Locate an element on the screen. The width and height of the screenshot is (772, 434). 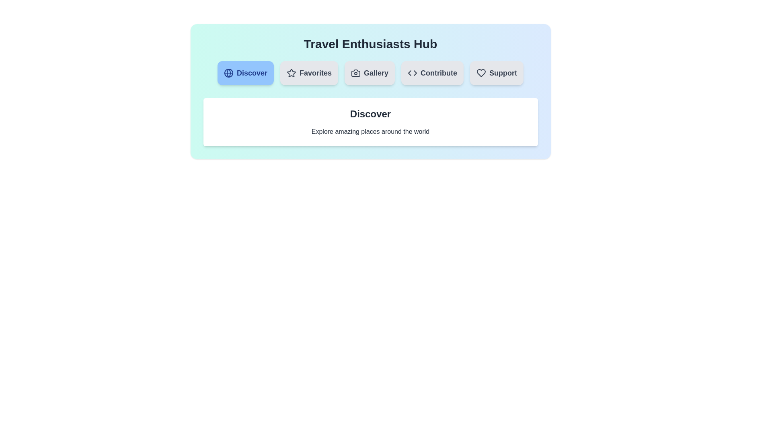
the 'Favorites' button located to the immediate right of the 'Discover' button in the horizontal row of buttons at the top of the interface is located at coordinates (308, 73).